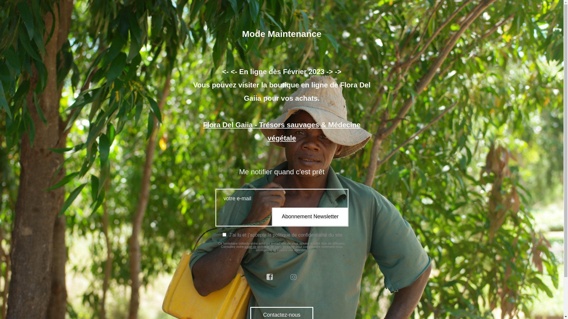 This screenshot has height=319, width=568. Describe the element at coordinates (294, 277) in the screenshot. I see `'instagram'` at that location.